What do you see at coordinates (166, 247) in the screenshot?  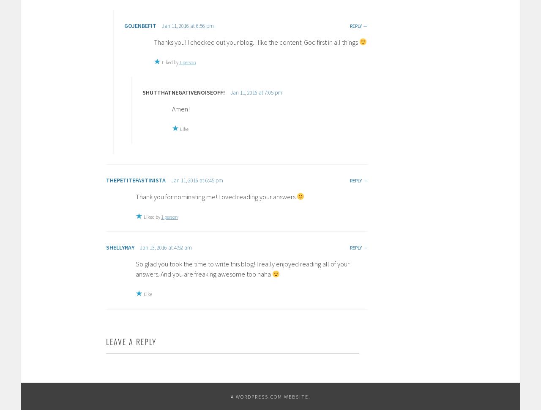 I see `'Jan 13, 2016 at 4:52 am'` at bounding box center [166, 247].